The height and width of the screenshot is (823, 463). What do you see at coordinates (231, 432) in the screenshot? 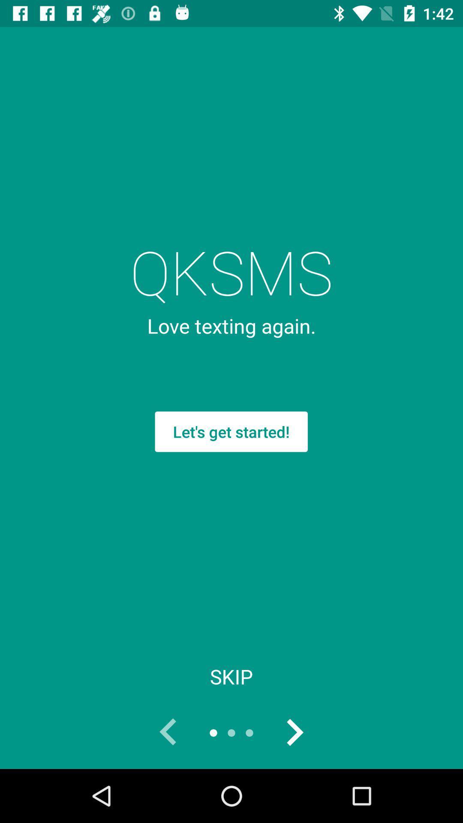
I see `the let s get` at bounding box center [231, 432].